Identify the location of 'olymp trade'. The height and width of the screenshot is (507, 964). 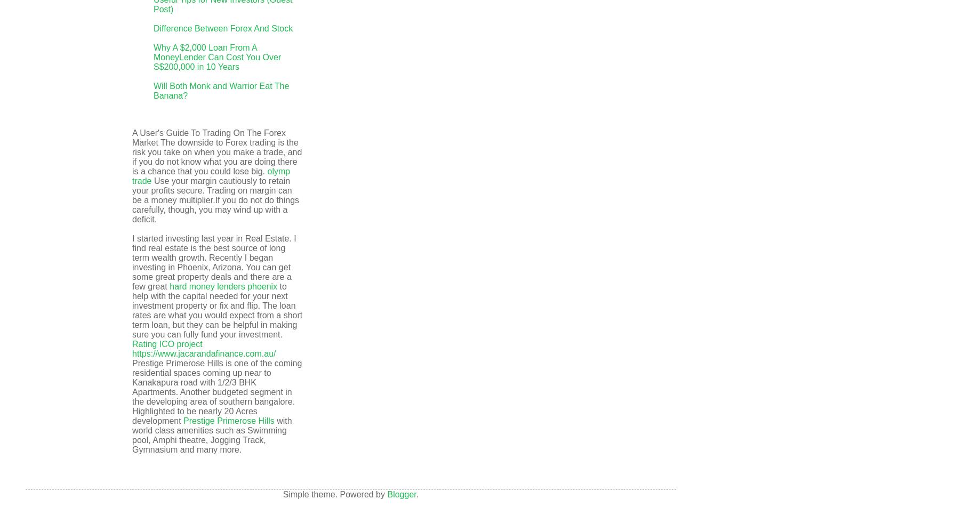
(210, 176).